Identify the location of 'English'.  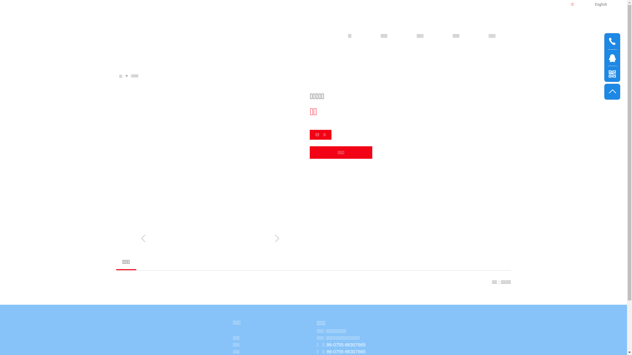
(580, 4).